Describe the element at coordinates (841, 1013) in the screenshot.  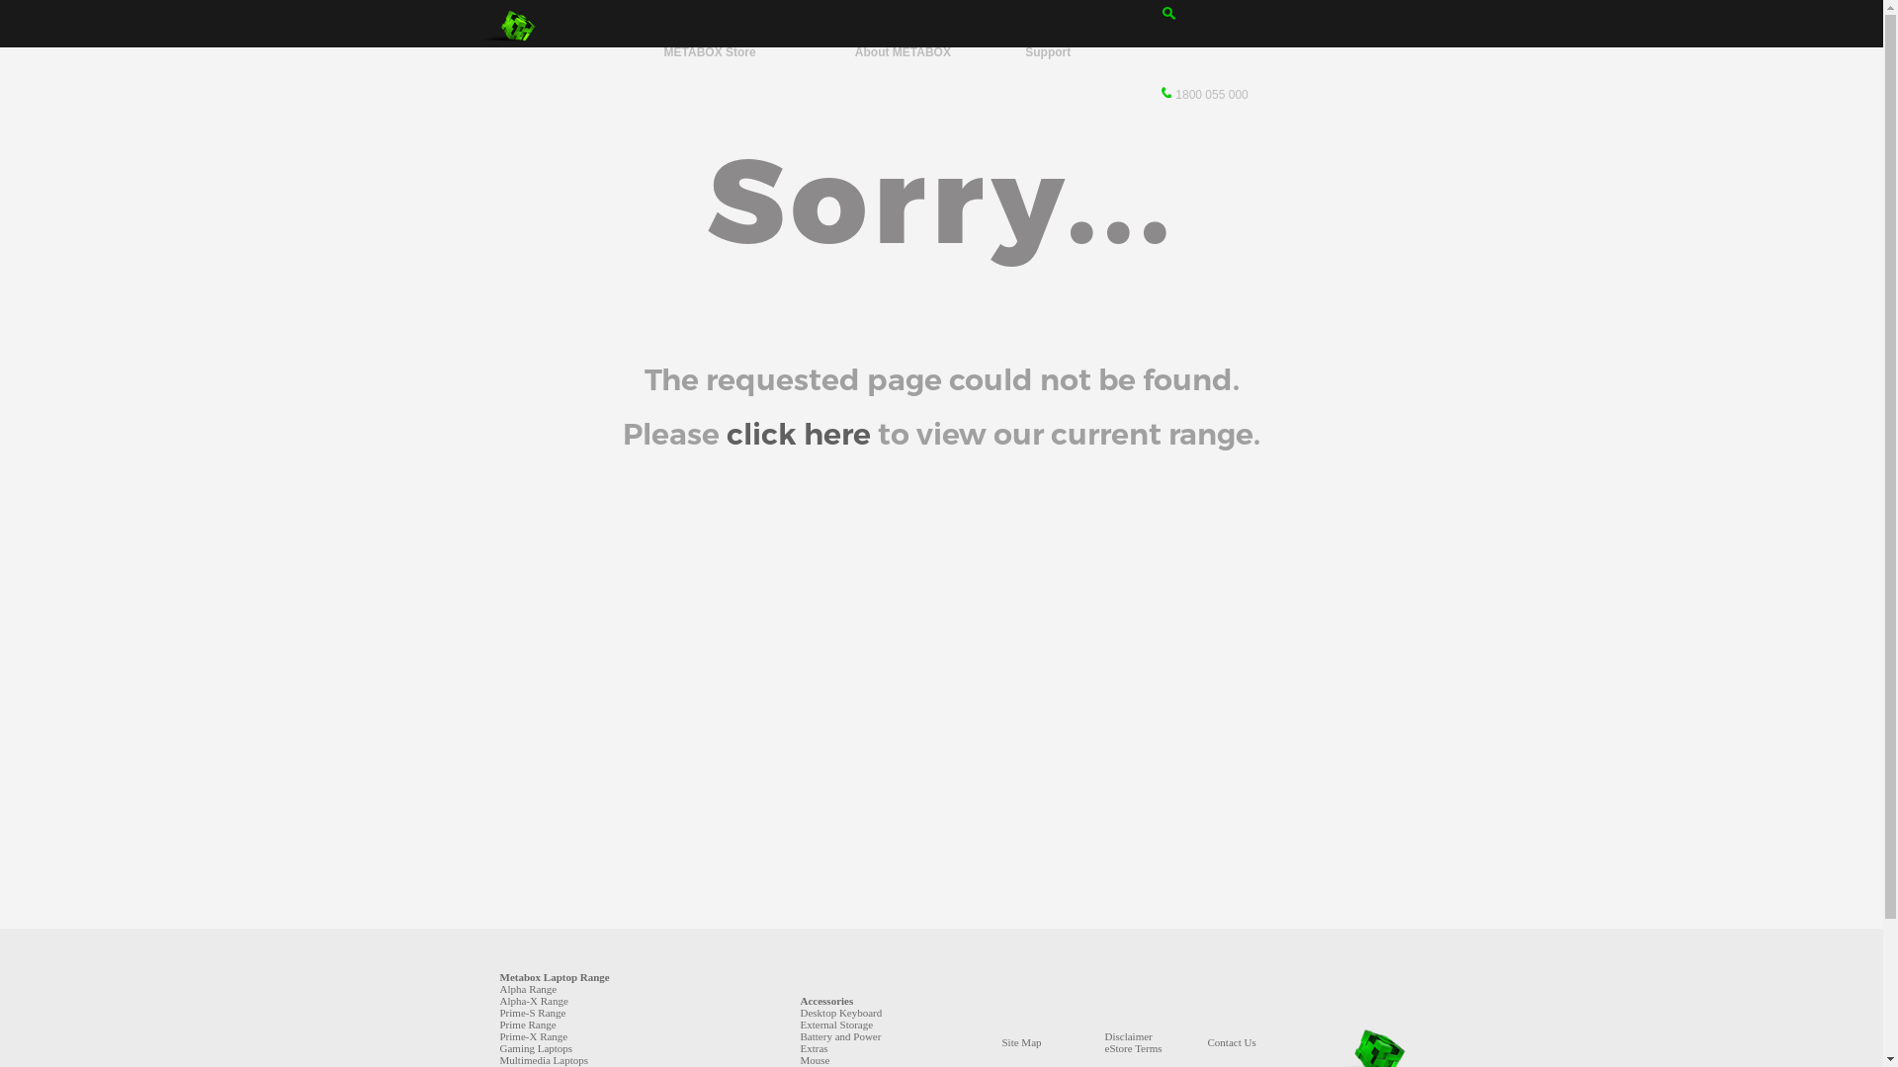
I see `'Desktop Keyboard'` at that location.